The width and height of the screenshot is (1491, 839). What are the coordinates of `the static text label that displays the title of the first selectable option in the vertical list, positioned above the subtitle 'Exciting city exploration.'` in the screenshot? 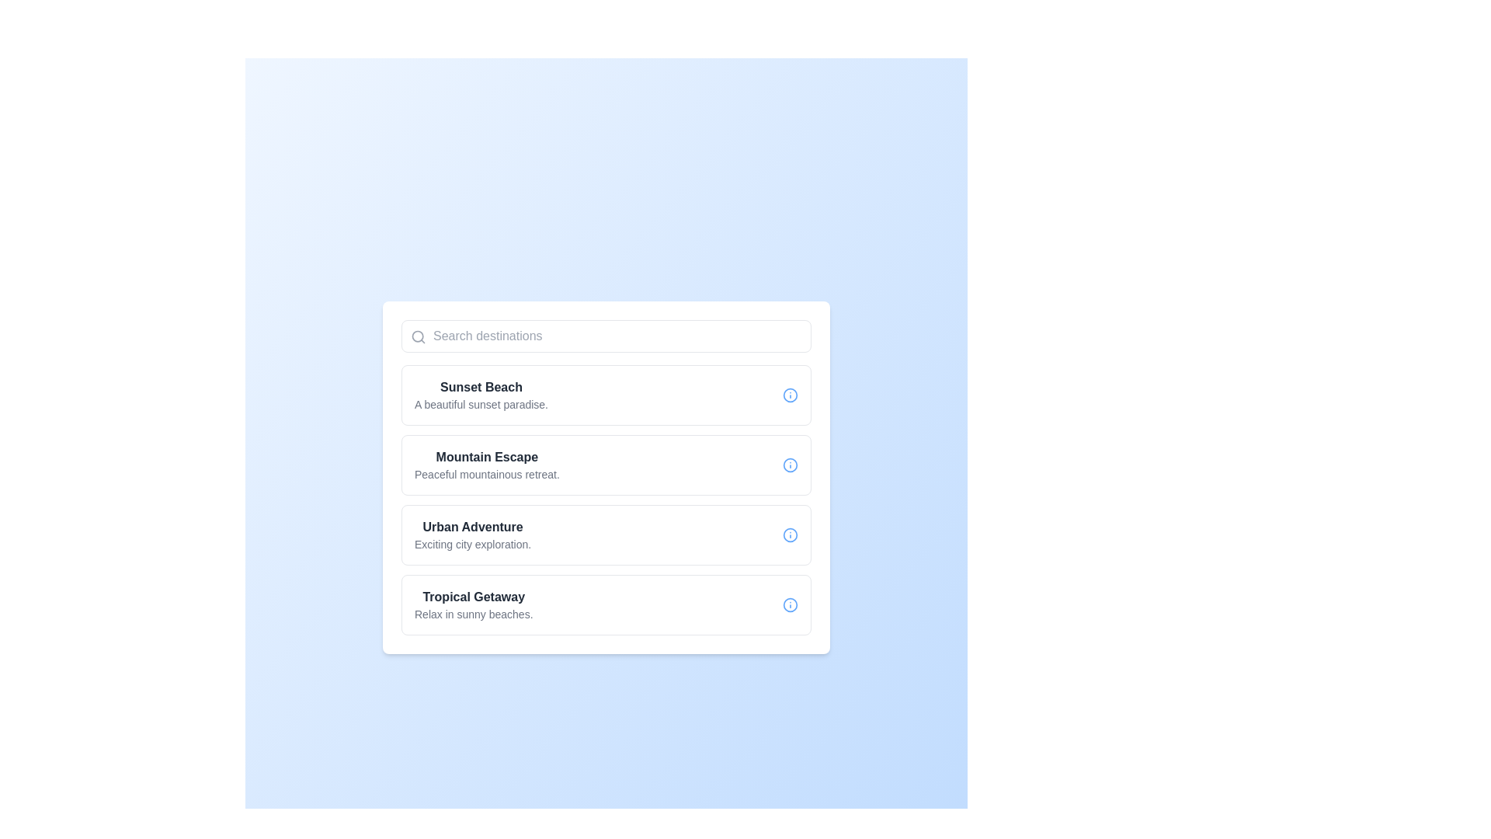 It's located at (472, 526).